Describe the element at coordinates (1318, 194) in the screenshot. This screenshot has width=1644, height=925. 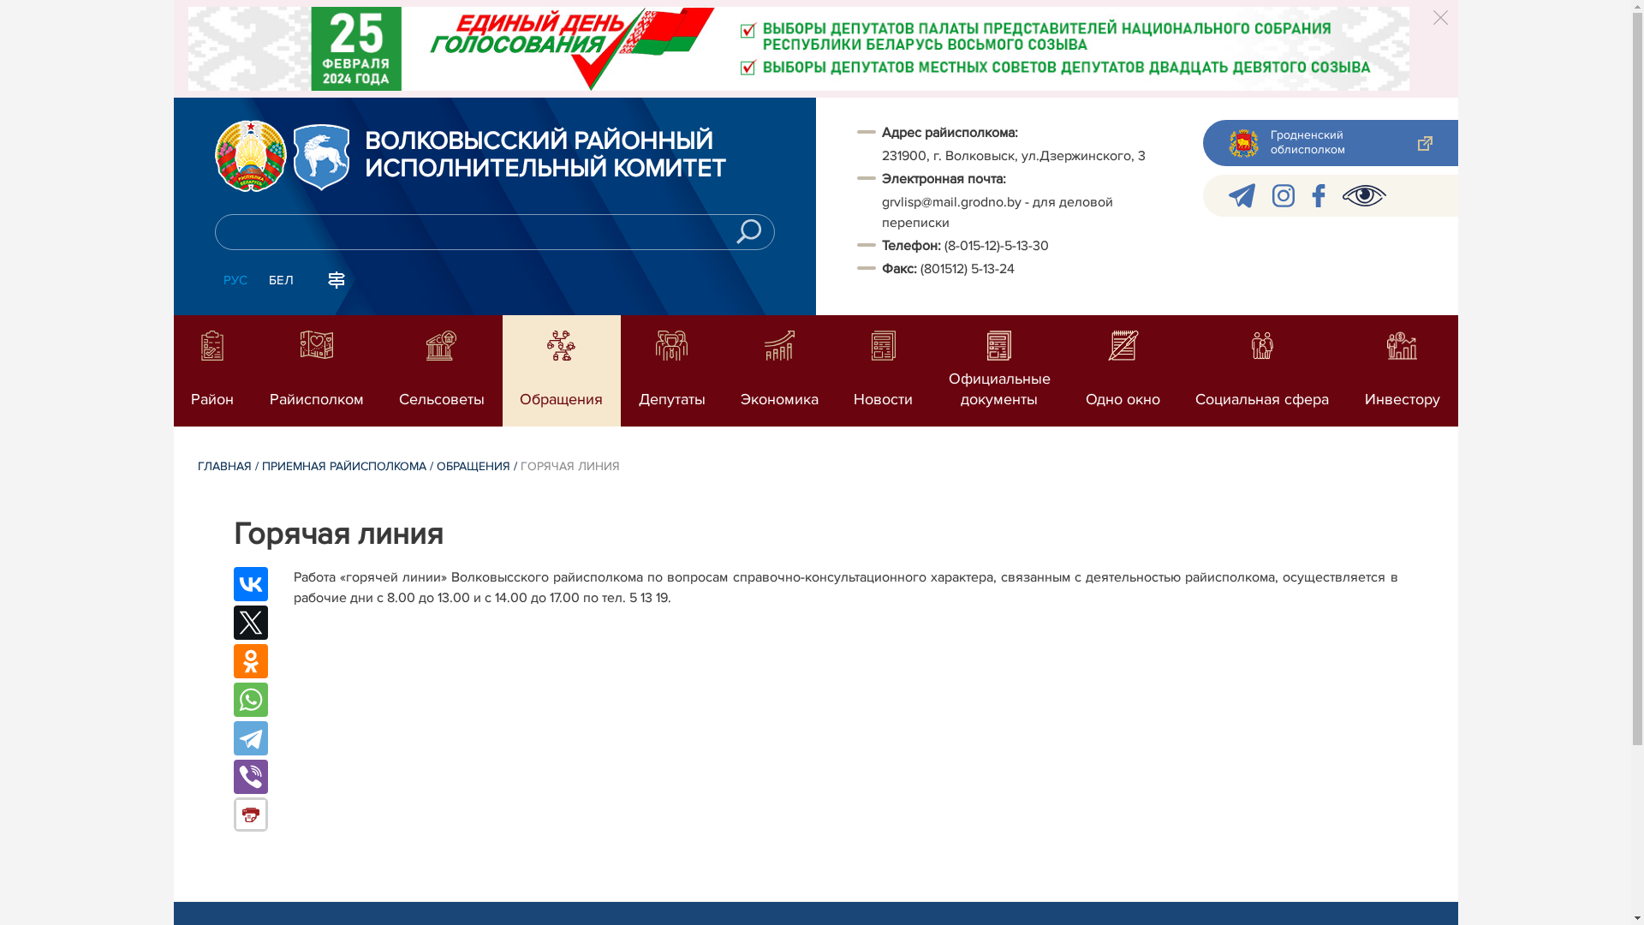
I see `'facebook'` at that location.